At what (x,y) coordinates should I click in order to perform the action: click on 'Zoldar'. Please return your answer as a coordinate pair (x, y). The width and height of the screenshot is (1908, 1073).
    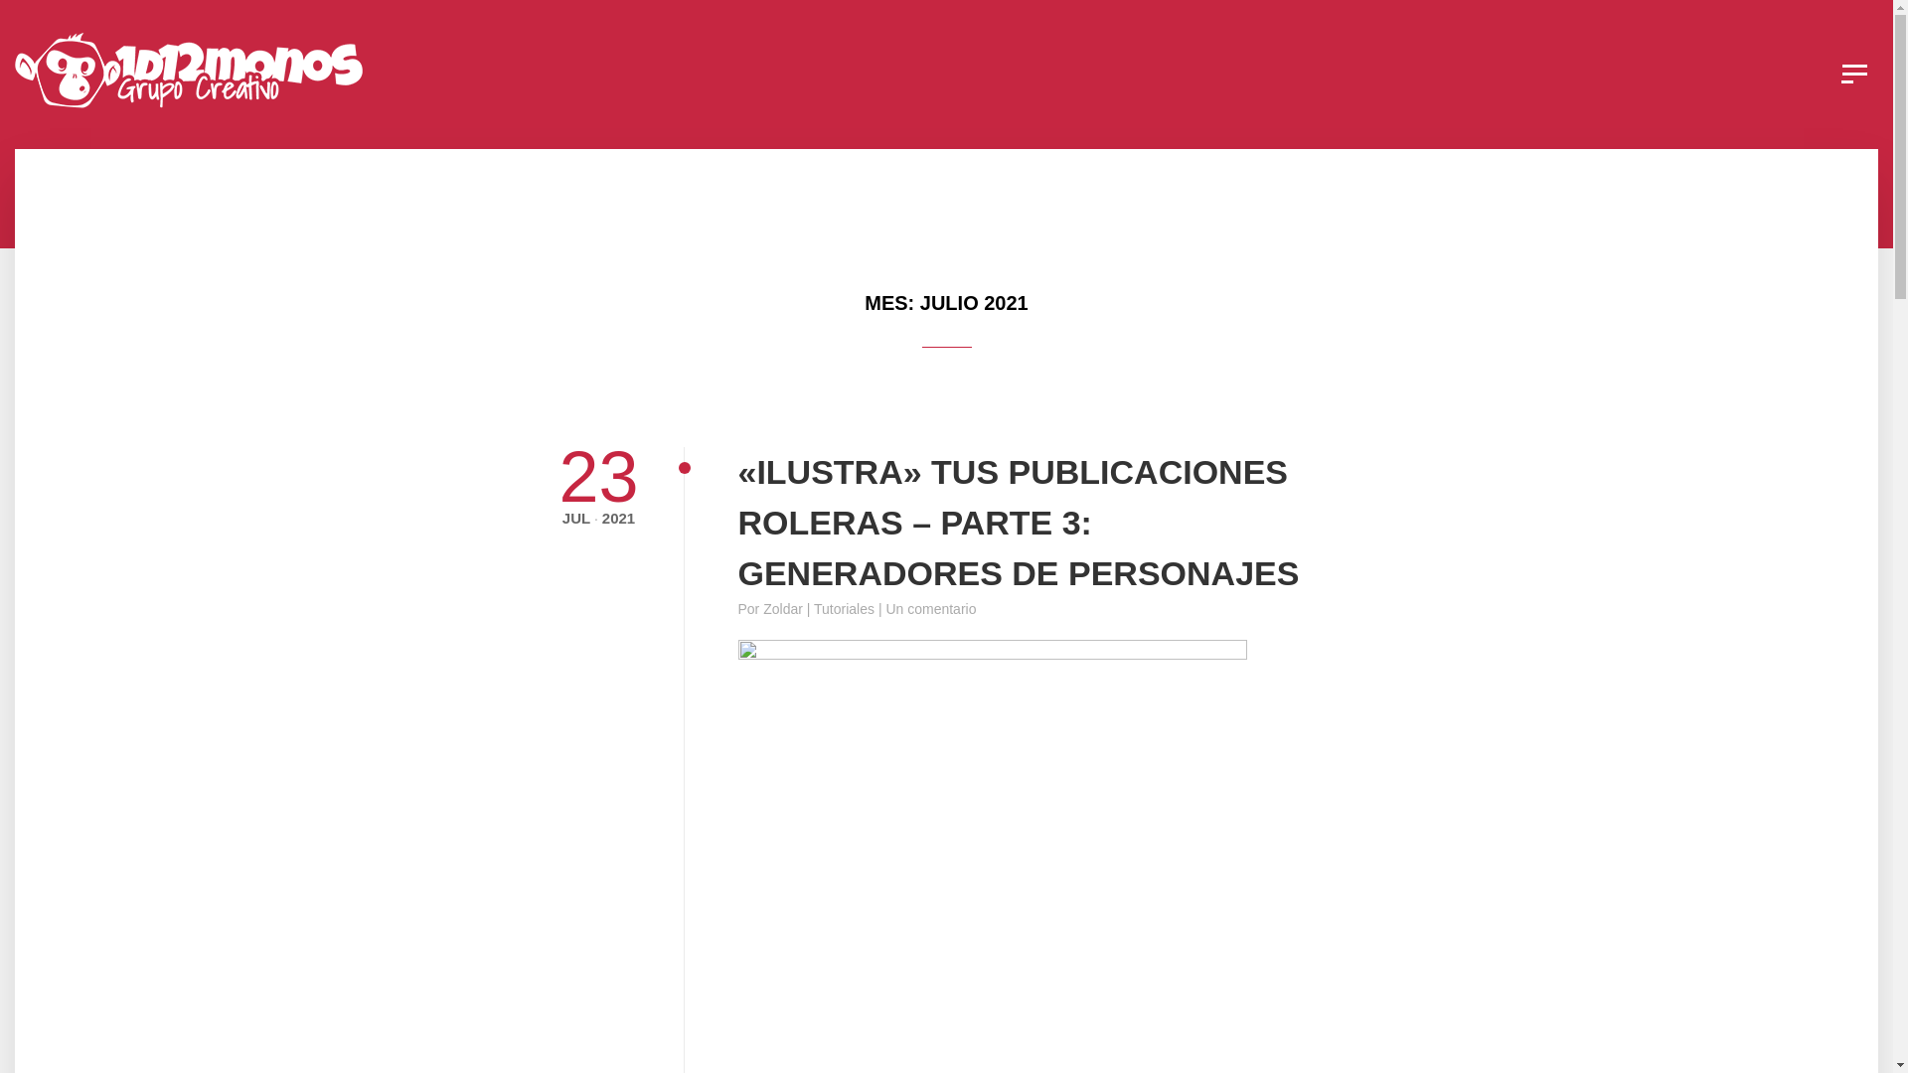
    Looking at the image, I should click on (781, 608).